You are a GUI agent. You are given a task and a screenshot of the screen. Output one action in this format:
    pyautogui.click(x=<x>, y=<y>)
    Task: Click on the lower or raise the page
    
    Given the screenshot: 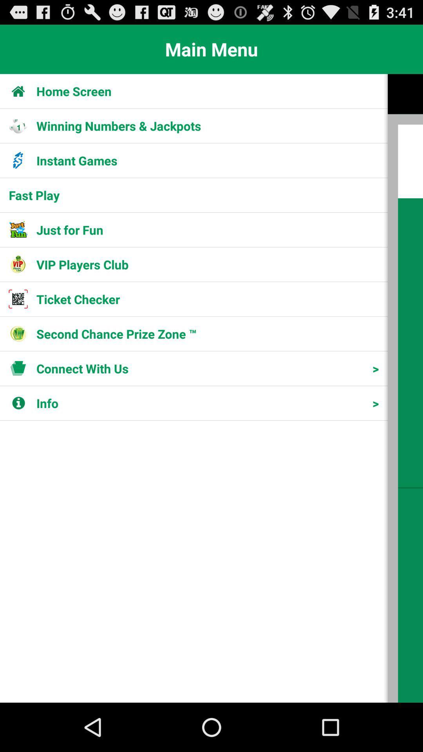 What is the action you would take?
    pyautogui.click(x=405, y=388)
    